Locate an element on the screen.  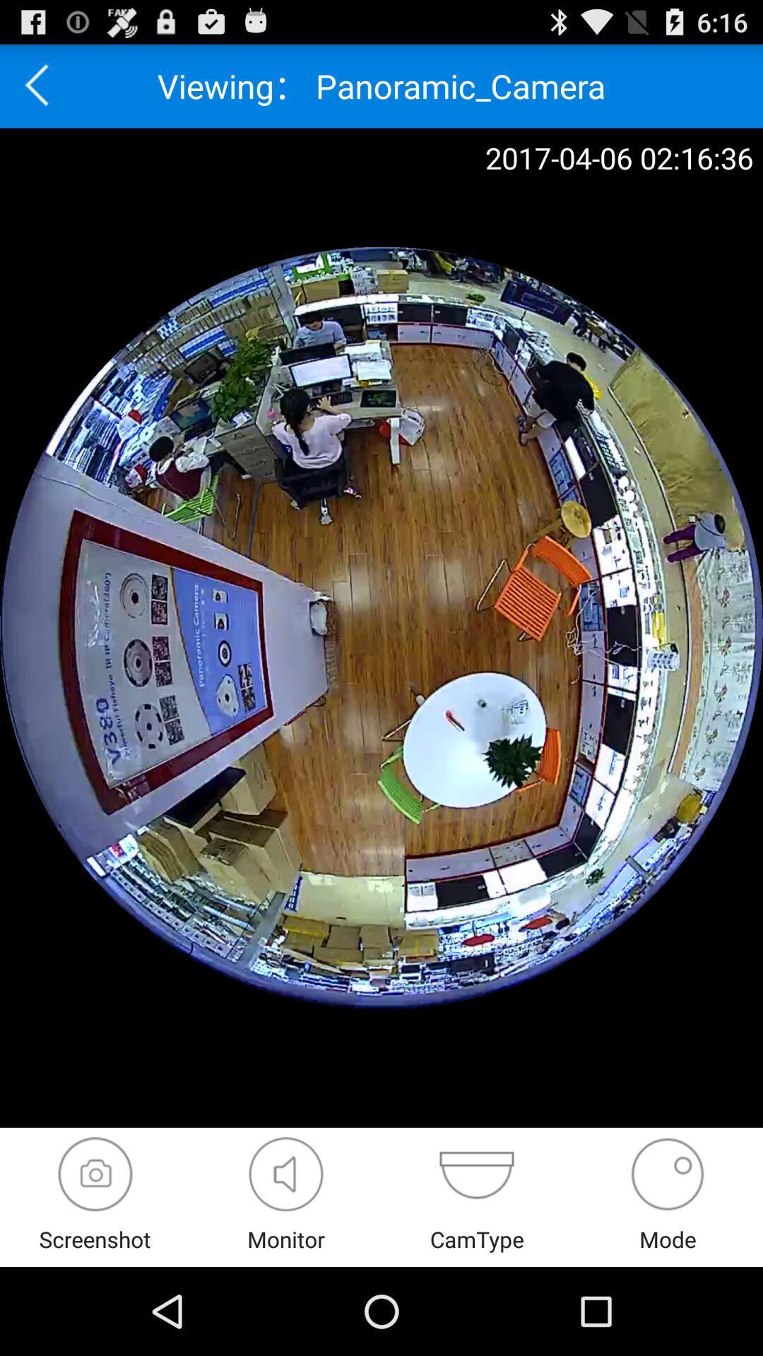
change the camtype is located at coordinates (477, 1174).